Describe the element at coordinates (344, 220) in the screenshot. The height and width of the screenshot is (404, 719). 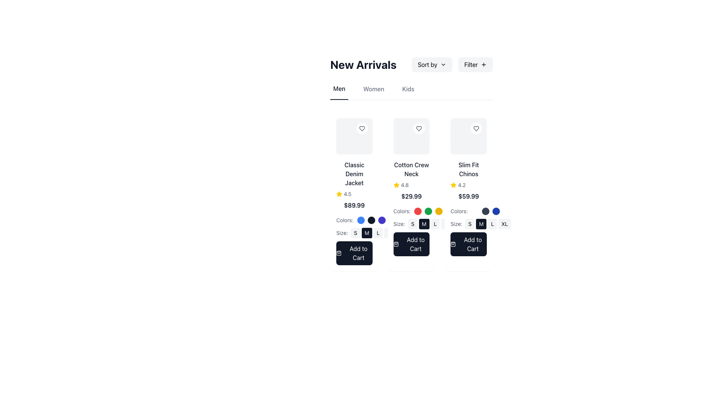
I see `label displaying the word 'Colors:' which is styled in light gray color and located to the left of the color selection circles under the product titled 'Classic Denim Jacket.'` at that location.